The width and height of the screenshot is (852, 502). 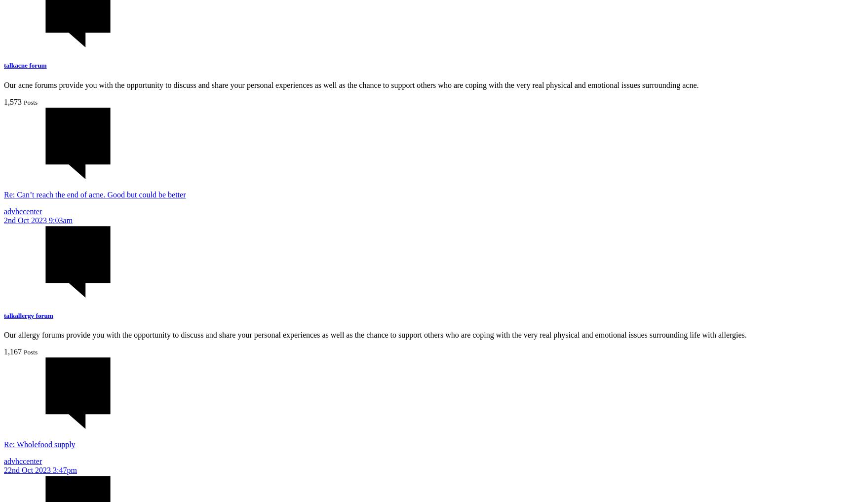 I want to click on 'allergy', so click(x=15, y=315).